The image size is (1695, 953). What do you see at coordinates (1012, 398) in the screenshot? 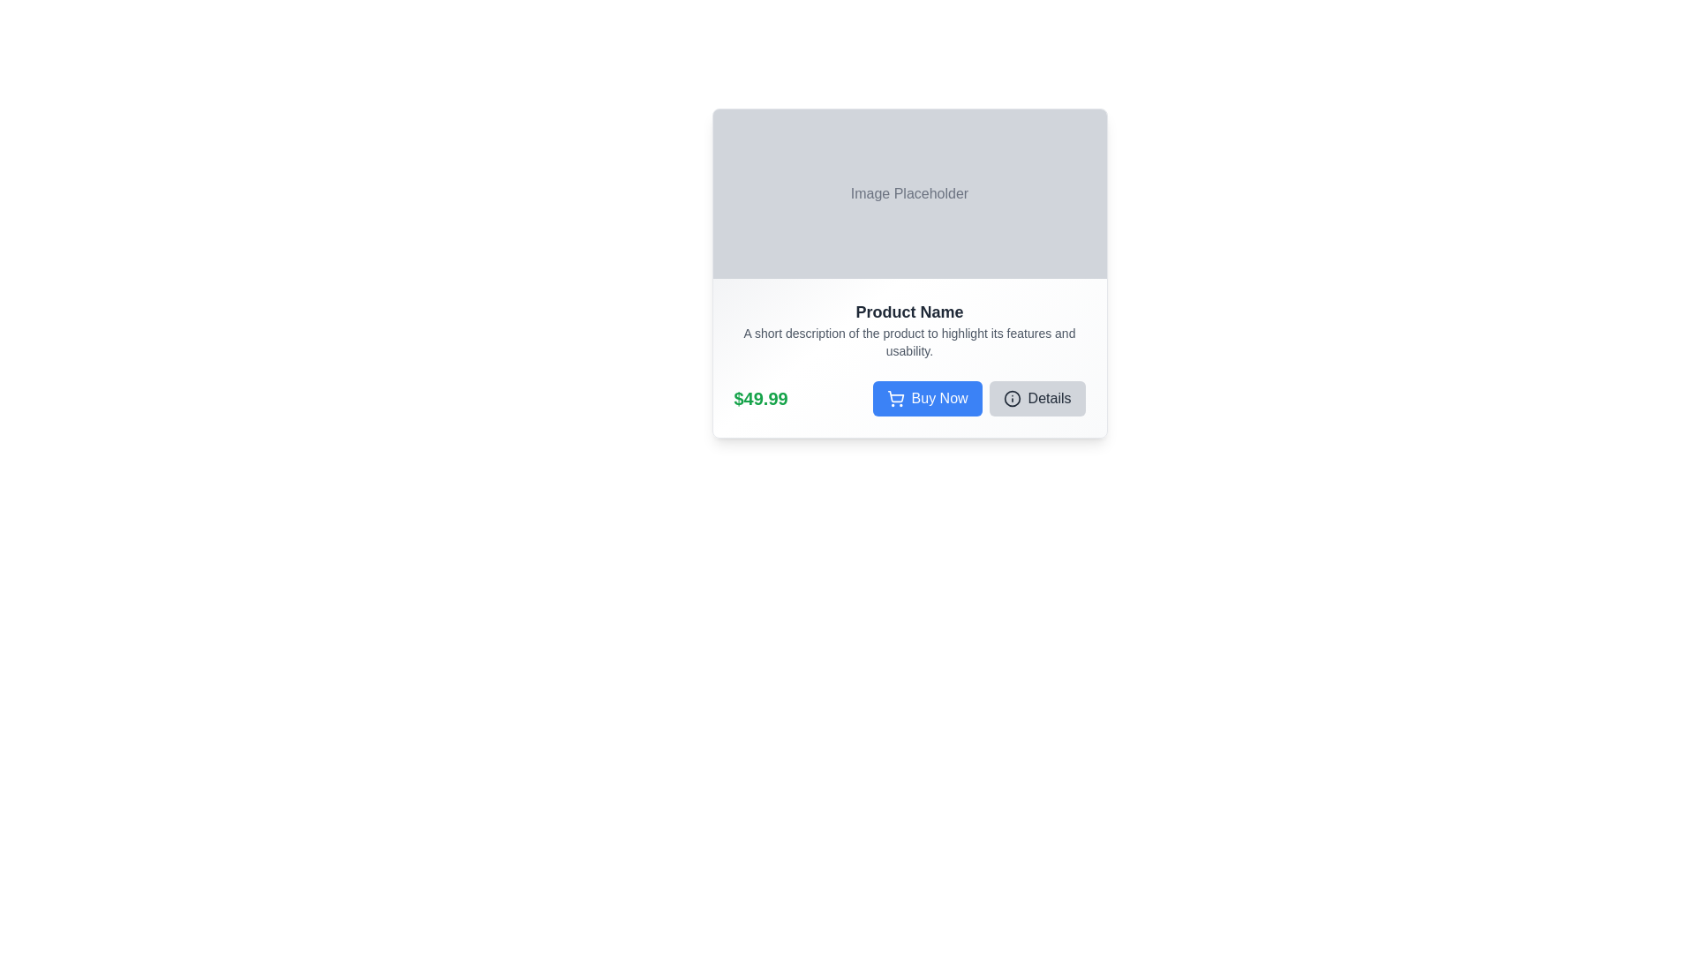
I see `the decorative SVG circle element that symbolizes information within the product card interface` at bounding box center [1012, 398].